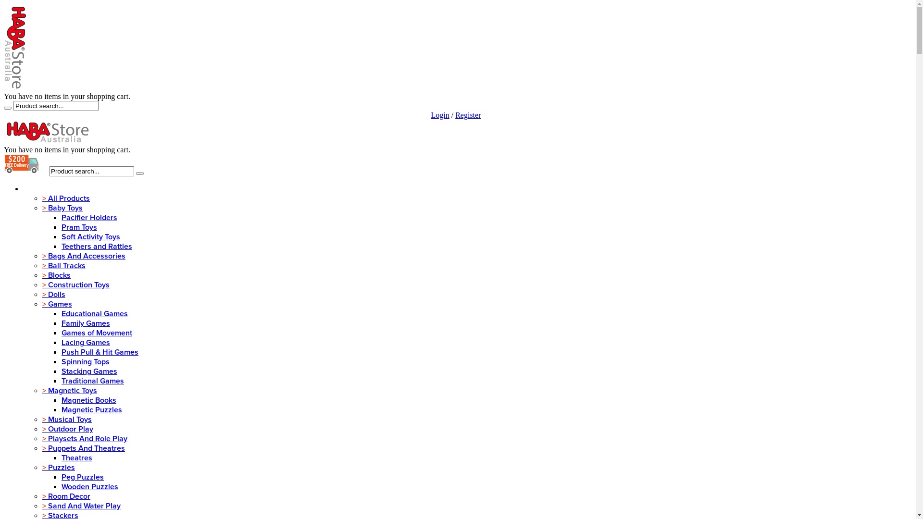 This screenshot has width=923, height=519. Describe the element at coordinates (61, 246) in the screenshot. I see `'Teethers and Rattles'` at that location.